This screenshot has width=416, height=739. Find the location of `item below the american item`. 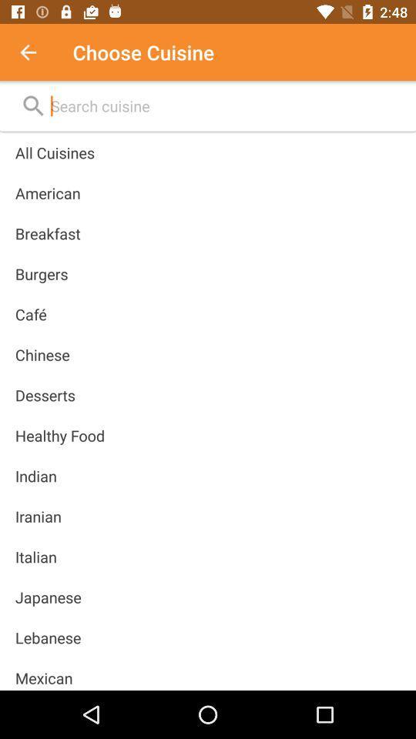

item below the american item is located at coordinates (48, 233).